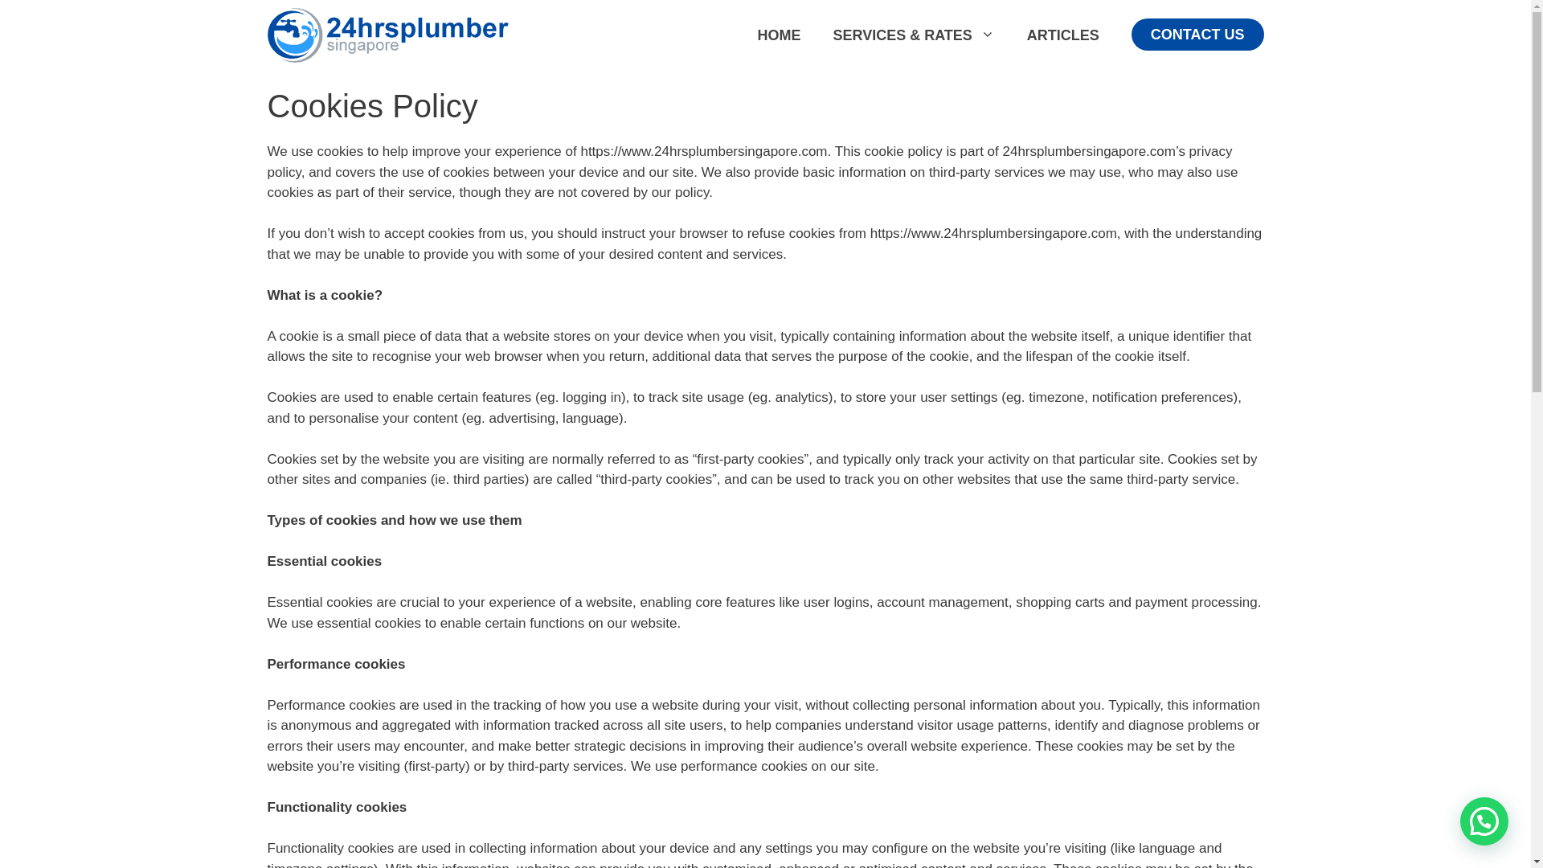 The image size is (1543, 868). I want to click on 'HOME', so click(779, 35).